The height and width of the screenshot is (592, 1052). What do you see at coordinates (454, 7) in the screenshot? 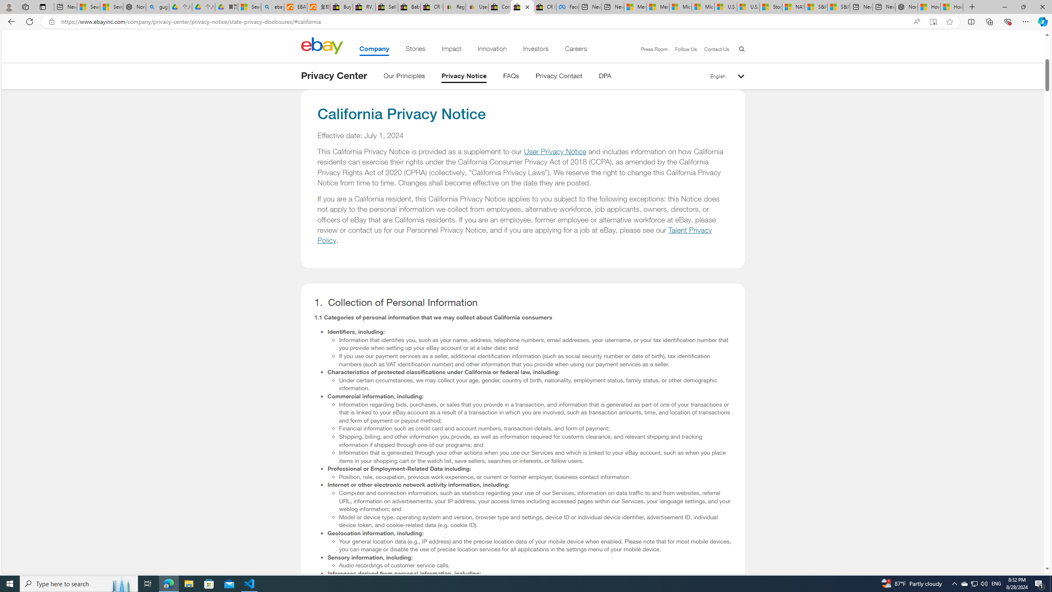
I see `'Register: Create a personal eBay account'` at bounding box center [454, 7].